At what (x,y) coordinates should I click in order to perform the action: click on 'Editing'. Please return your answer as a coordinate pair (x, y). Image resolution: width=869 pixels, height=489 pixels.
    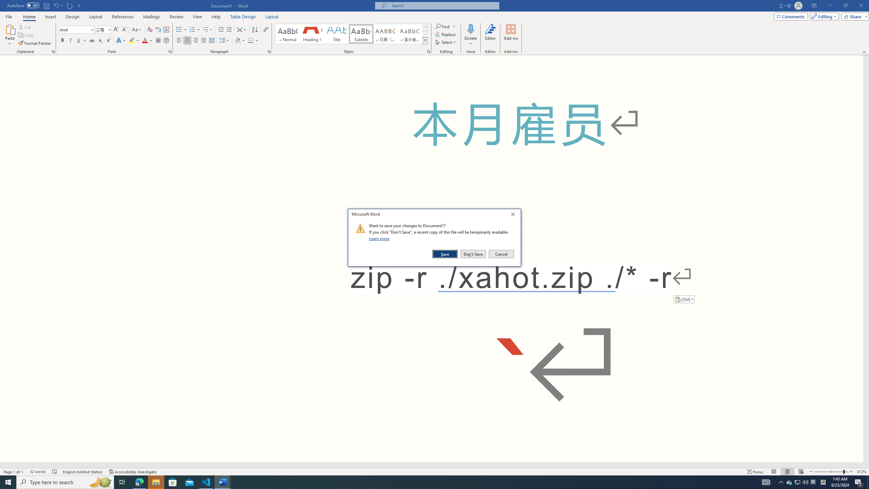
    Looking at the image, I should click on (823, 16).